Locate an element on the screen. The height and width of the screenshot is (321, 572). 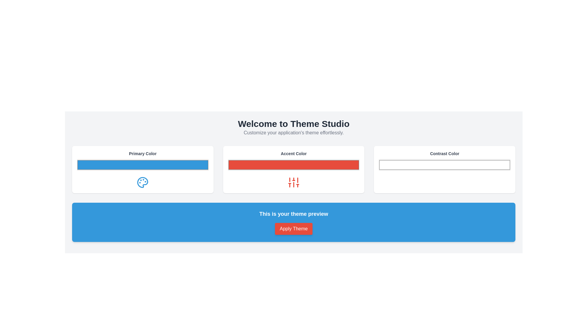
the static text label that provides additional context about customizing themes in the application, located just below the heading 'Welcome to Theme Studio' is located at coordinates (293, 133).